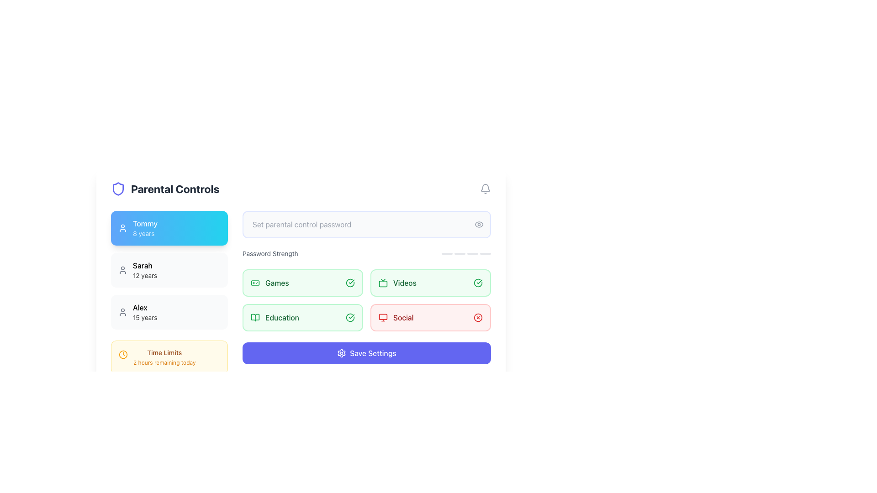  I want to click on the 'Social' category in the interactive card list, so click(430, 317).